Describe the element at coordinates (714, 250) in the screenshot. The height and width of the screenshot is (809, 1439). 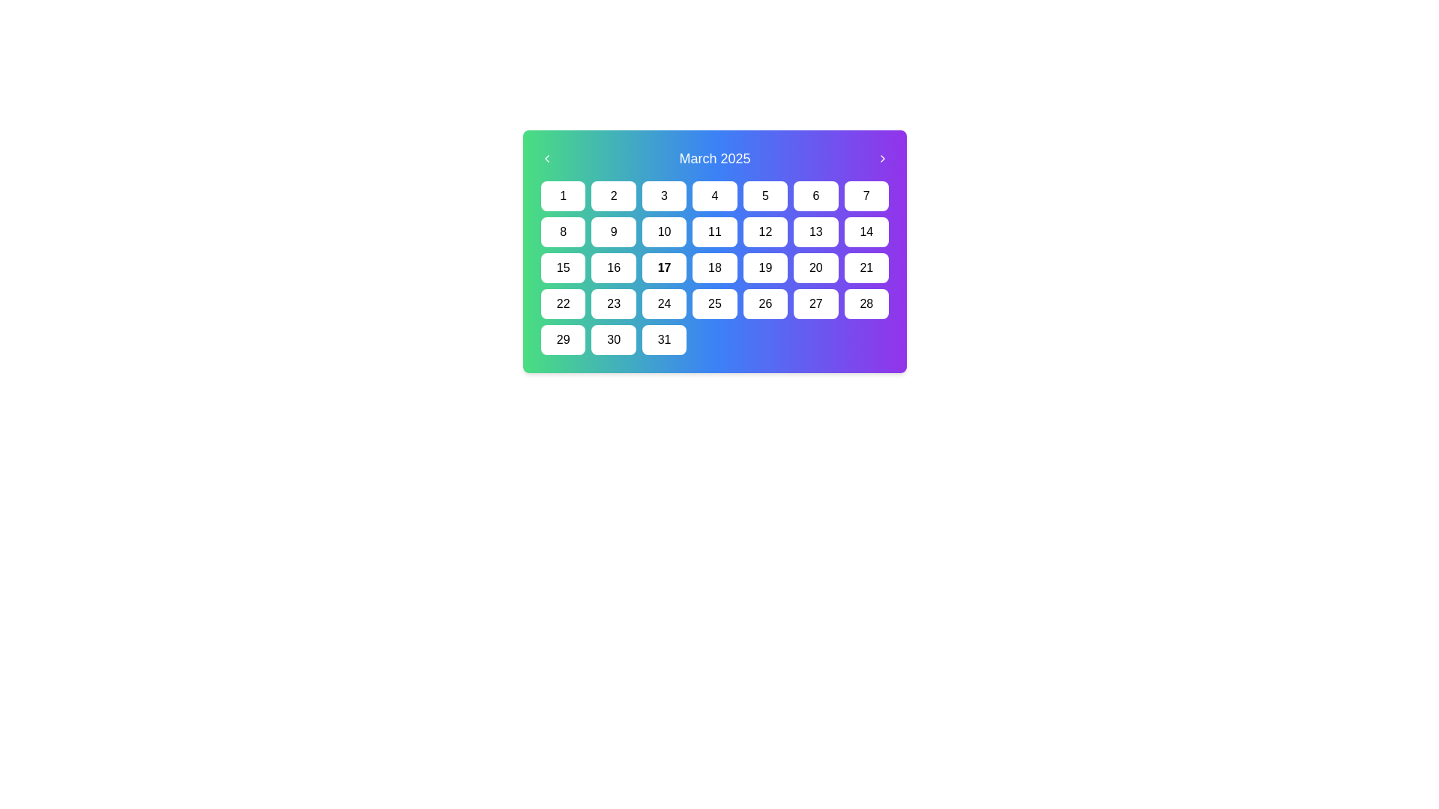
I see `on a date in the Calendar Widget for March 2025, which is visually characterized by a gradient background and a grid layout of numbers enclosed in rounded buttons` at that location.